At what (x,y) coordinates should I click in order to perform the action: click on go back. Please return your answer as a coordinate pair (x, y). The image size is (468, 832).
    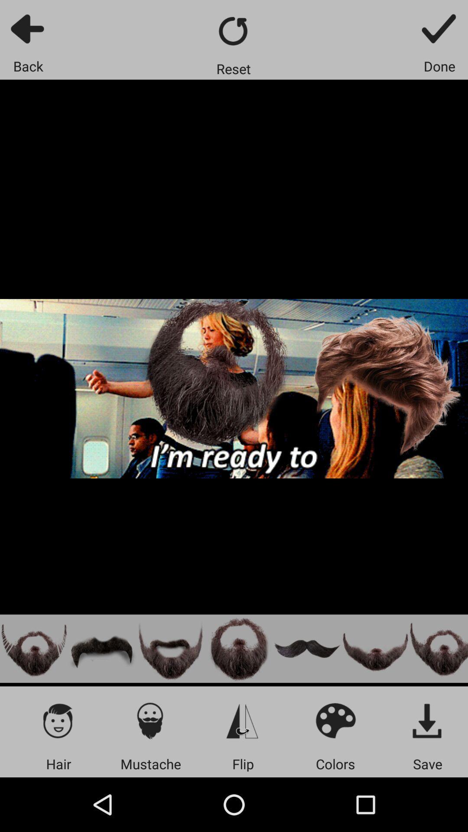
    Looking at the image, I should click on (233, 31).